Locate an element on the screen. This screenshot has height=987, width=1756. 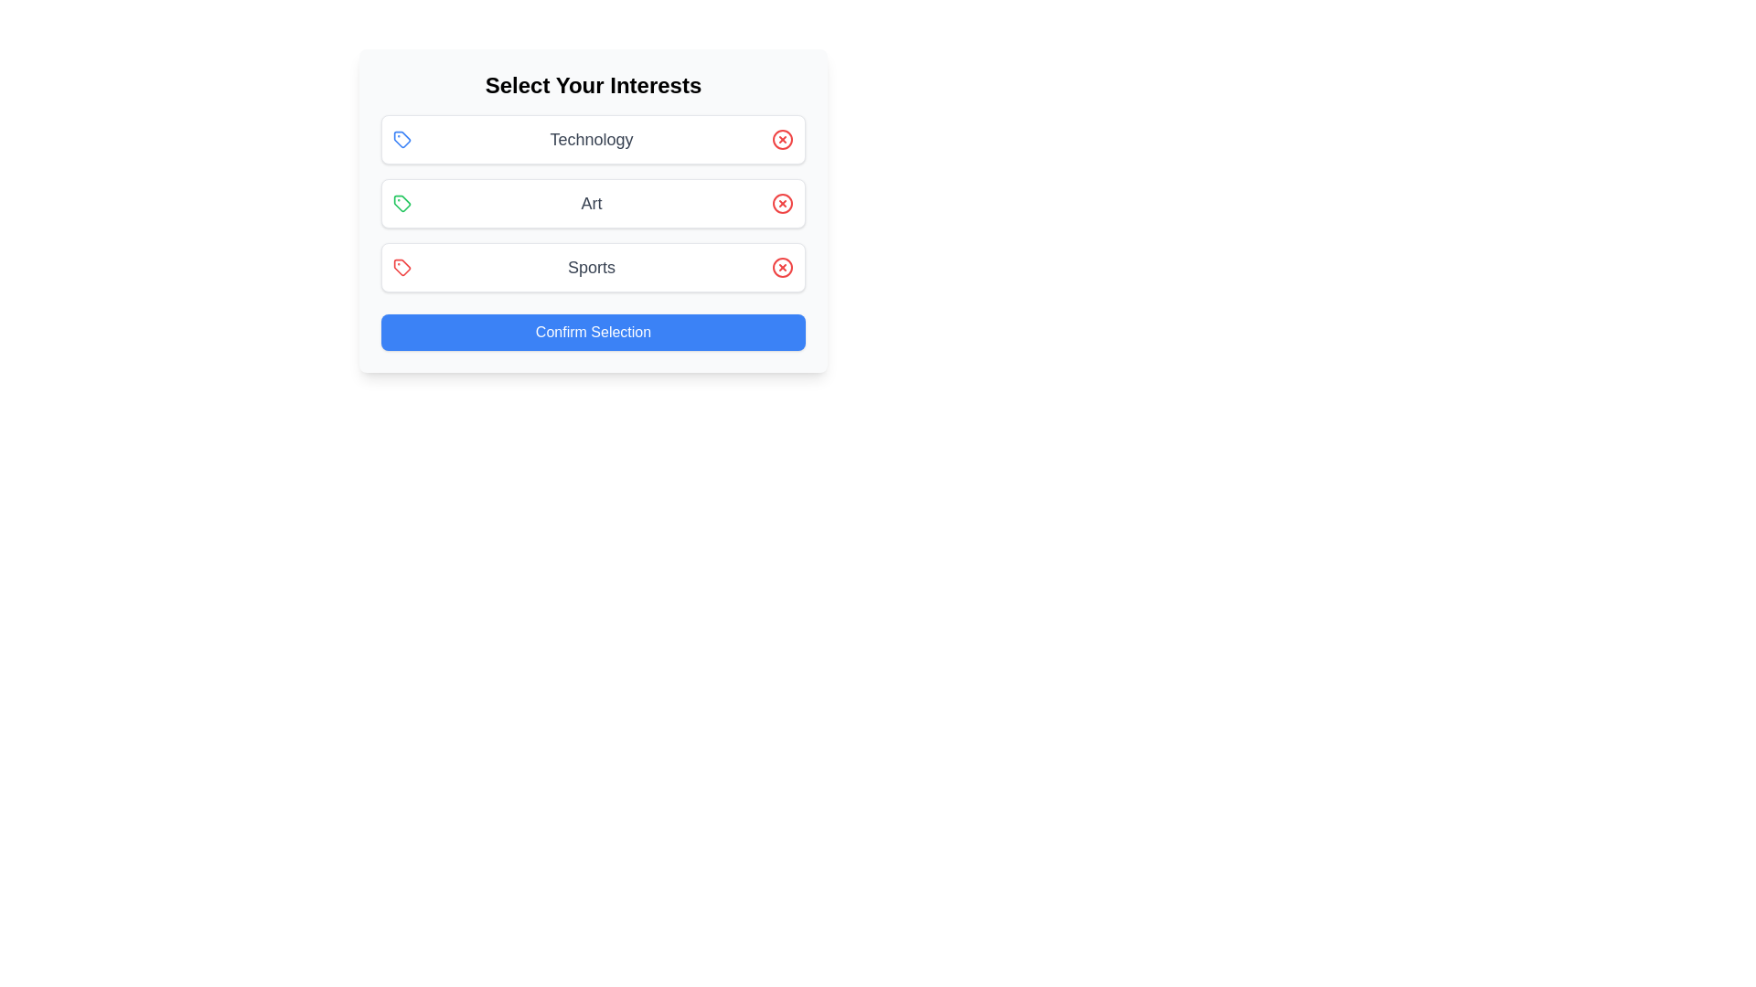
the Sports Icon to observe its hover effect is located at coordinates (402, 268).